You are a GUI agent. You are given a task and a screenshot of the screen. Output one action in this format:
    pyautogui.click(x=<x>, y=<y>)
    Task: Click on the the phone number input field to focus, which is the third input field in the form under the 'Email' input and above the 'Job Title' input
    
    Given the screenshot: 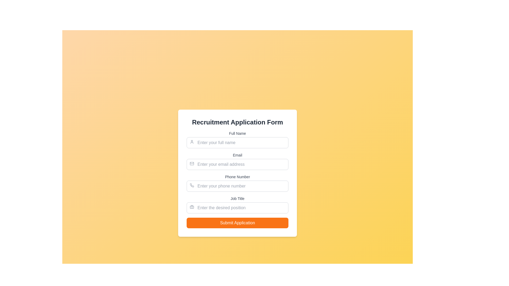 What is the action you would take?
    pyautogui.click(x=237, y=173)
    